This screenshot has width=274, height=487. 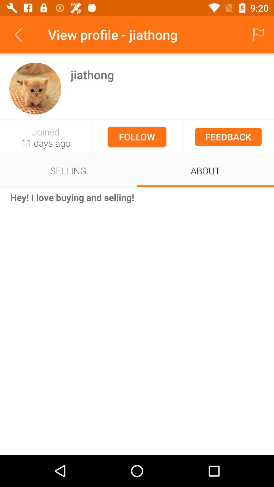 What do you see at coordinates (35, 89) in the screenshot?
I see `the picture` at bounding box center [35, 89].